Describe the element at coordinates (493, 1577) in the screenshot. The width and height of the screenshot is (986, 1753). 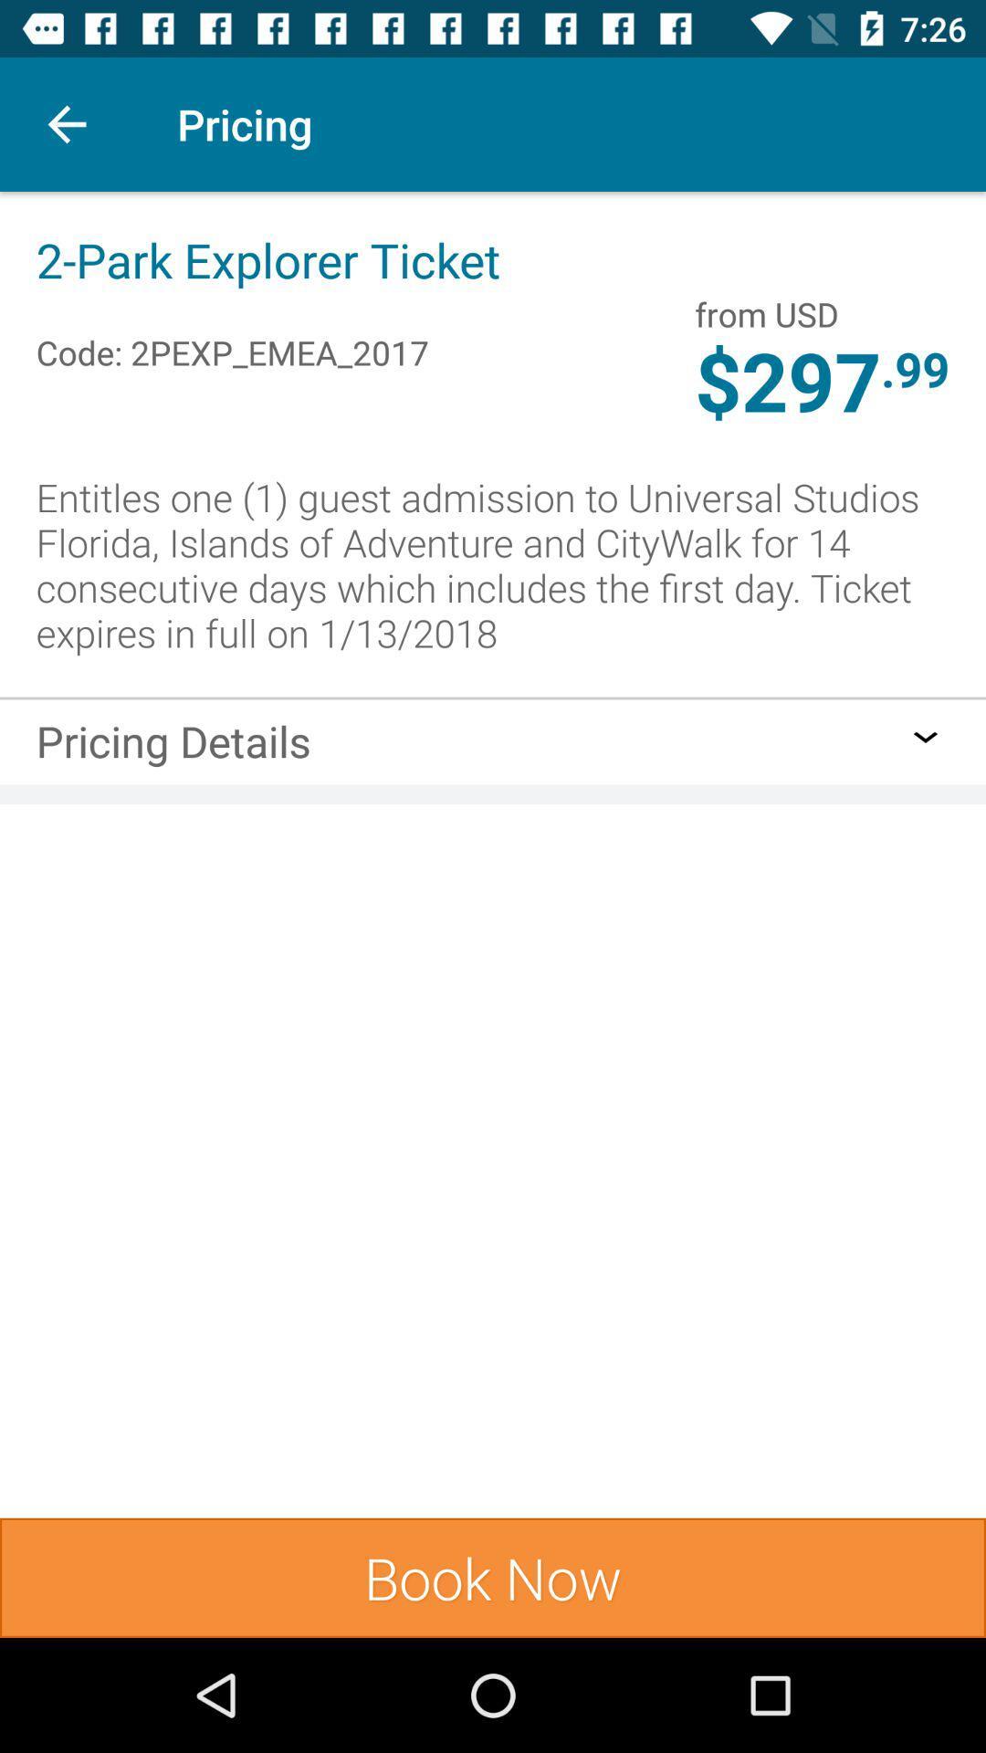
I see `book now` at that location.